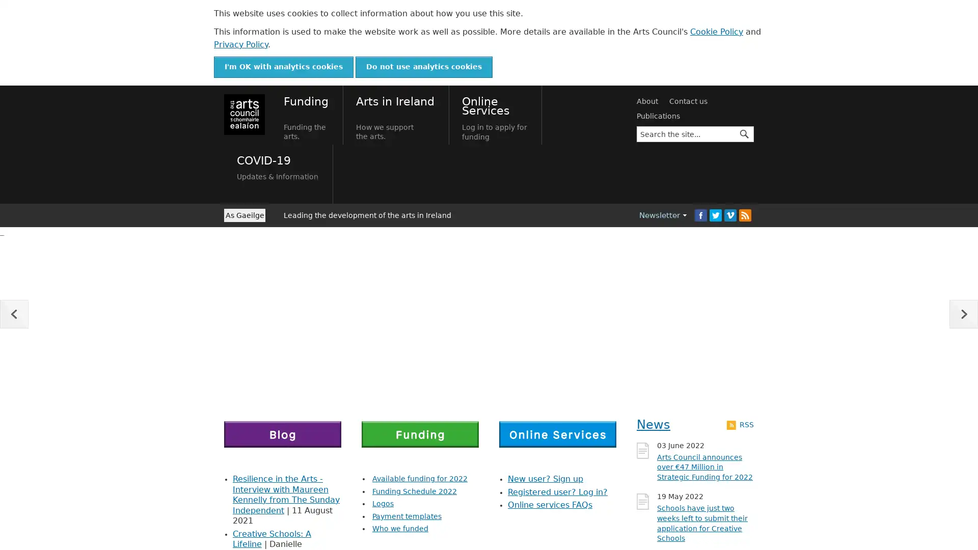 This screenshot has height=550, width=978. Describe the element at coordinates (424, 67) in the screenshot. I see `Do not use analytics cookies` at that location.